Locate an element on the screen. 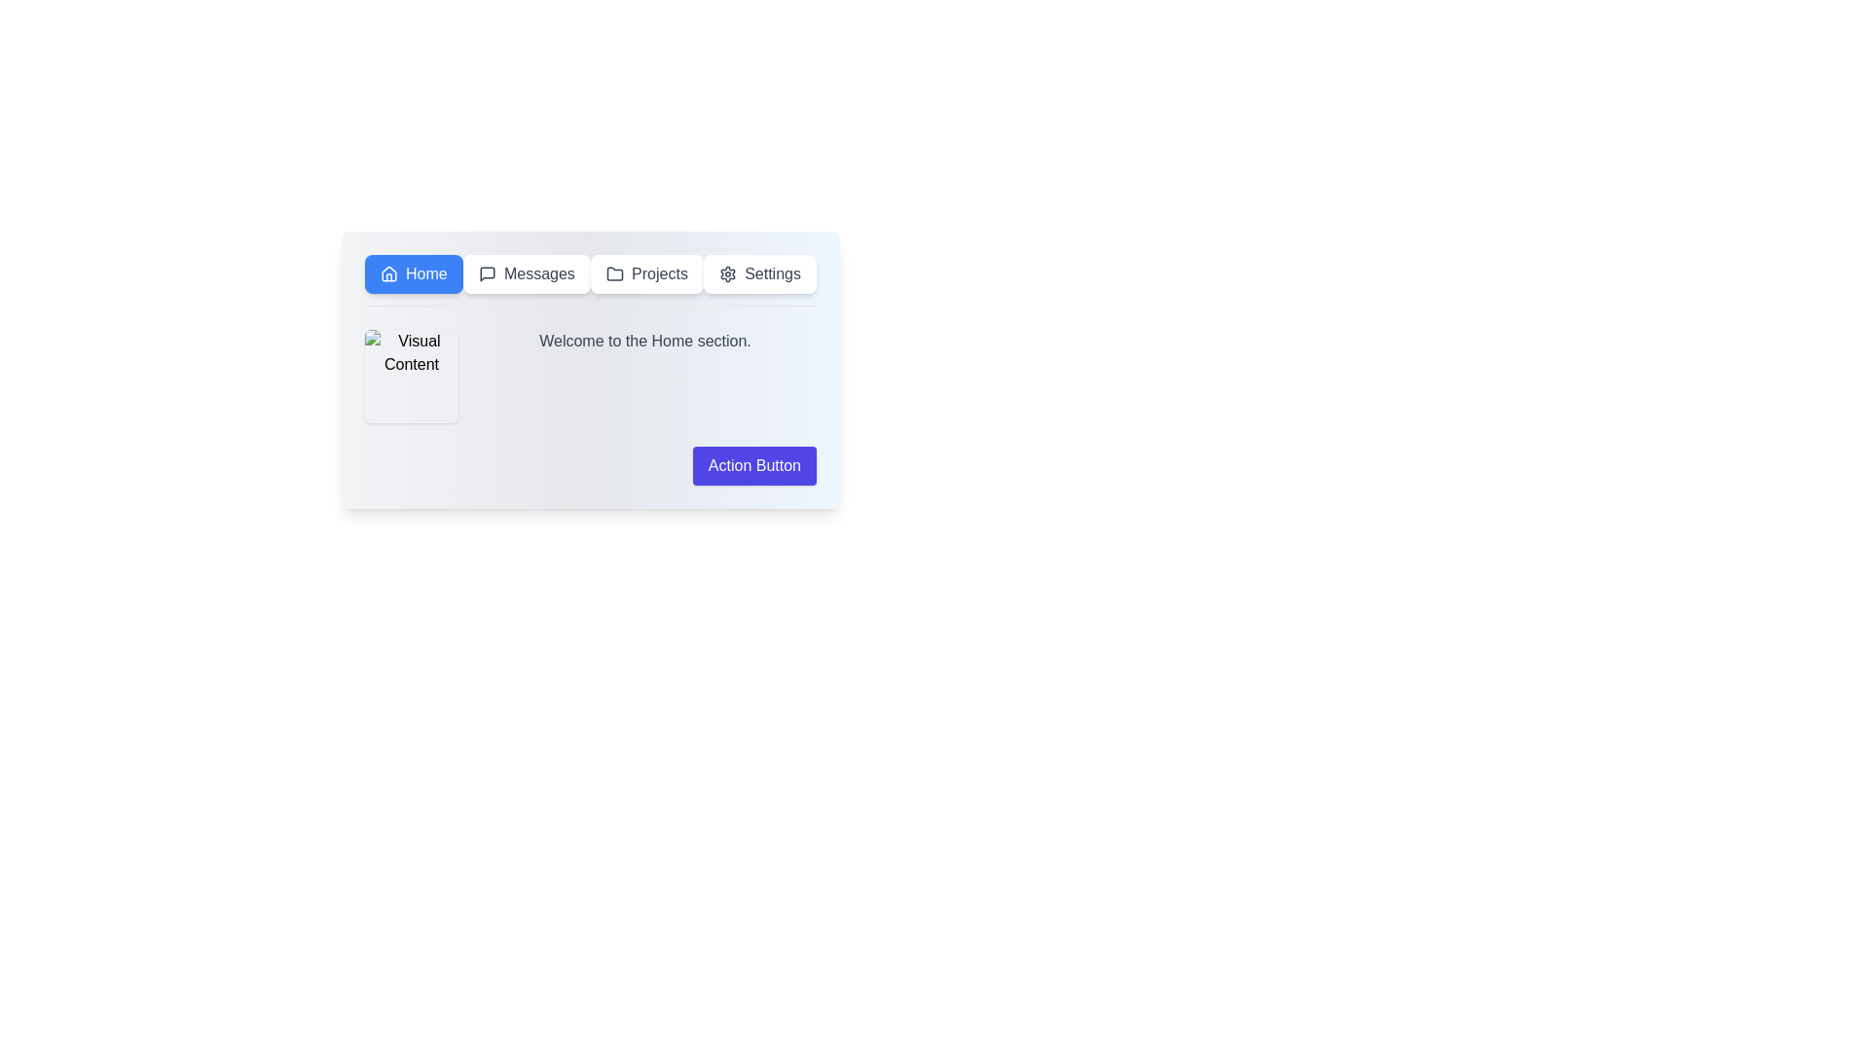  the 'Messages' button, which has a speech bubble icon on the left, is located in the navigation bar between the 'Home' and 'Projects' buttons, and features a white background with rounded corners is located at coordinates (527, 273).